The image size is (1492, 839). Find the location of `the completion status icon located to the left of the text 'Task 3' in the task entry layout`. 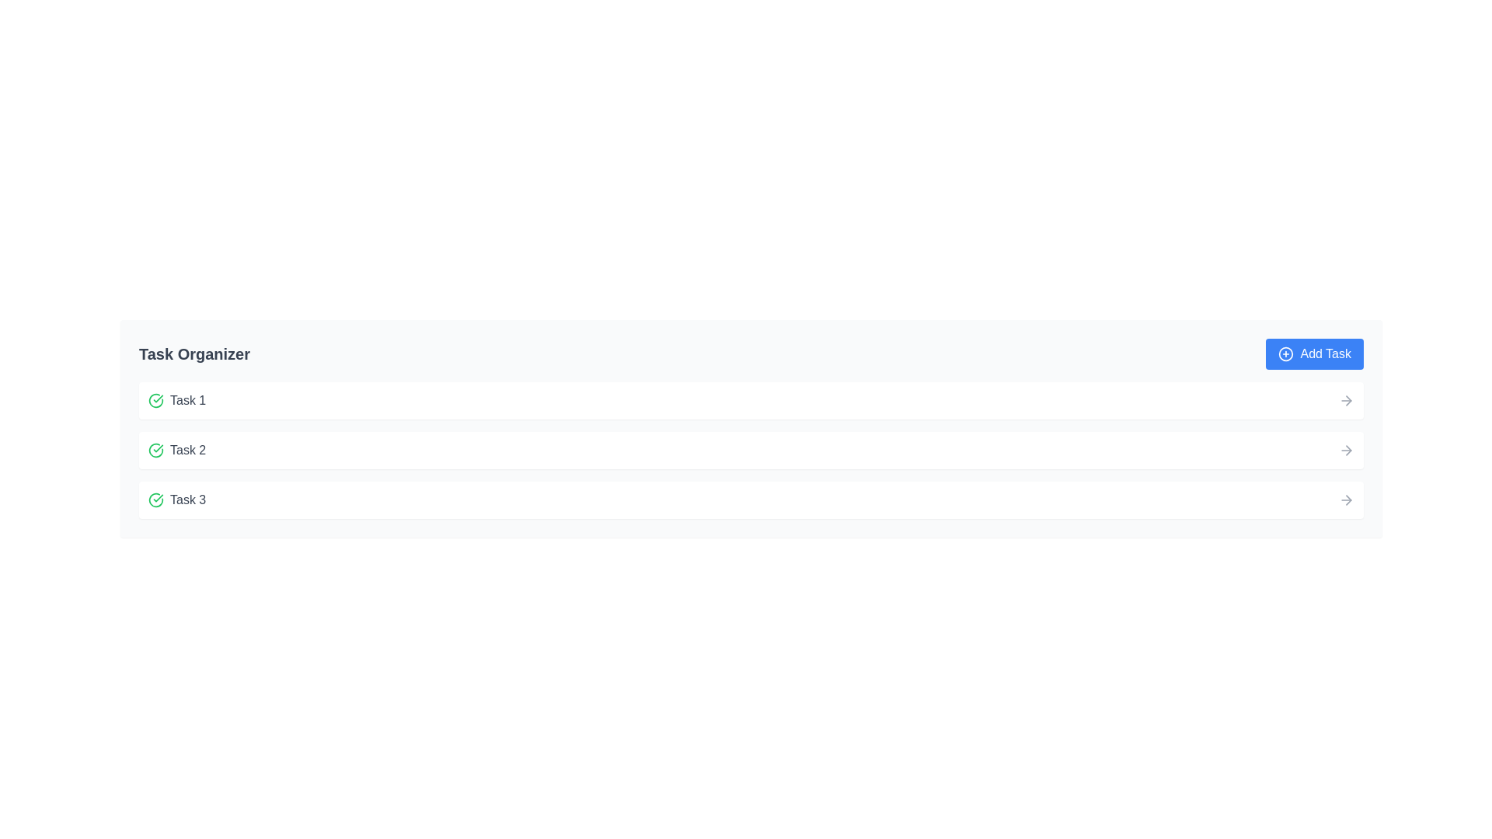

the completion status icon located to the left of the text 'Task 3' in the task entry layout is located at coordinates (156, 500).